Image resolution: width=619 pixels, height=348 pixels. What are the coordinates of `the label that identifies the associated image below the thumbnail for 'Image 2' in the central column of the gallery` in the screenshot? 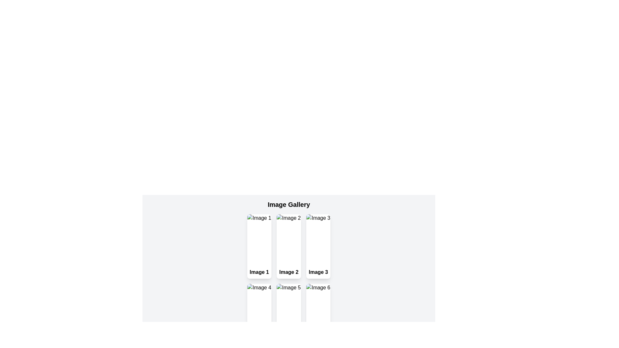 It's located at (289, 272).